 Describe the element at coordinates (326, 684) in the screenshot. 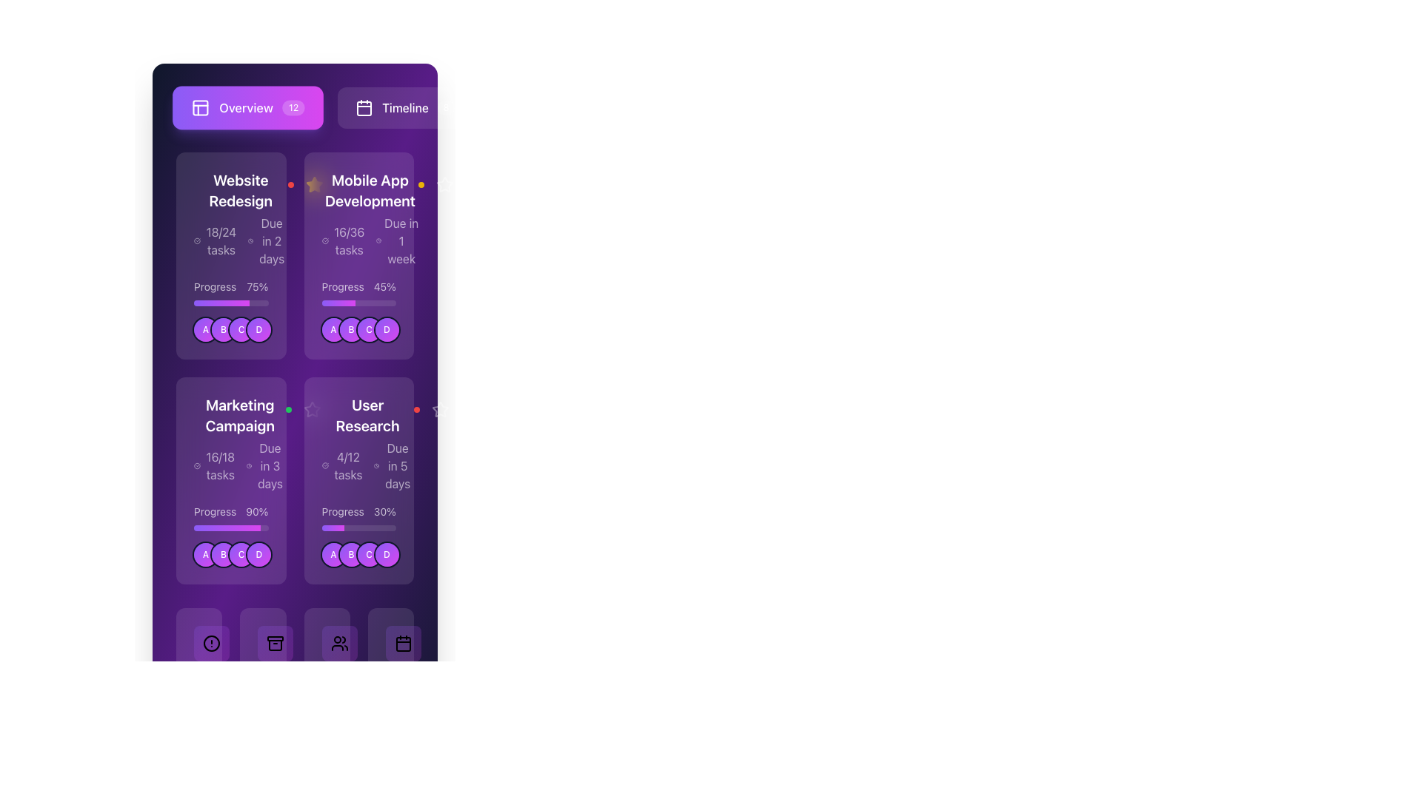

I see `the numerical statistic indicating 'Team Members', which is located in the lower-right quadrant of the application's interface` at that location.